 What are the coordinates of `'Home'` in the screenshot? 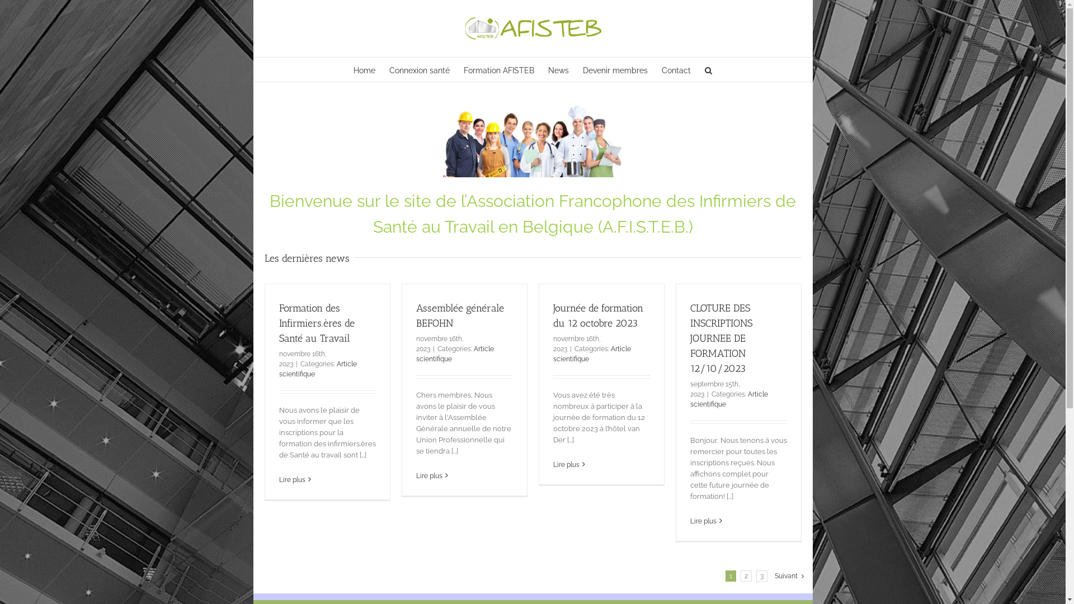 It's located at (364, 69).